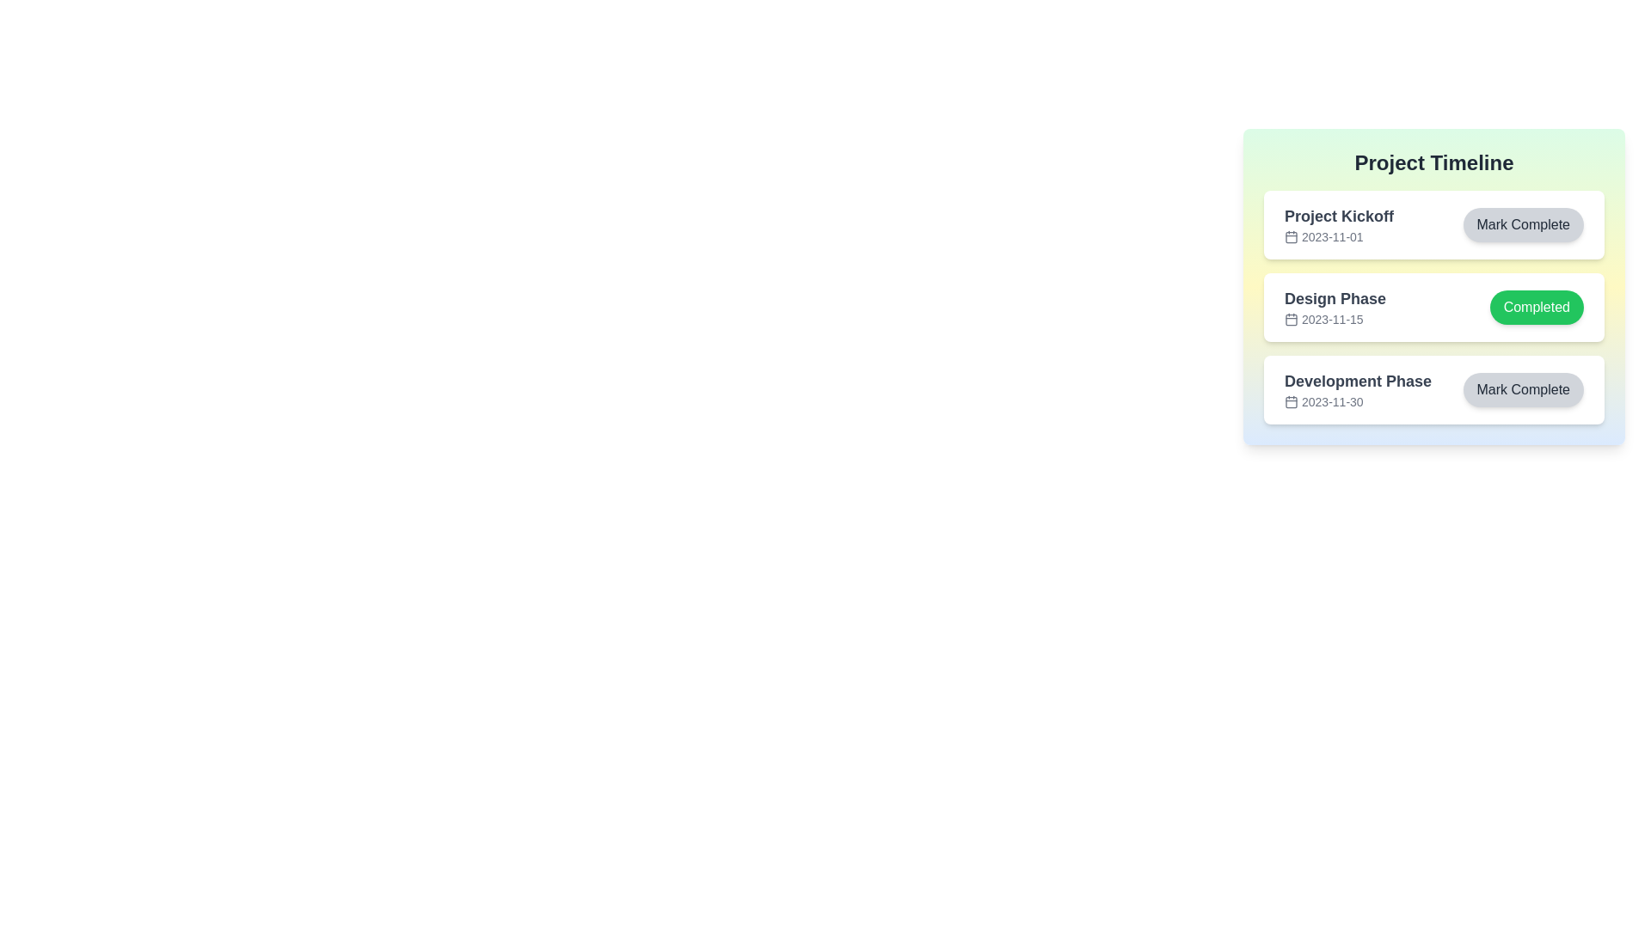 The height and width of the screenshot is (928, 1651). Describe the element at coordinates (1523, 390) in the screenshot. I see `the button corresponding to the timeline item labeled 'Development Phase'` at that location.